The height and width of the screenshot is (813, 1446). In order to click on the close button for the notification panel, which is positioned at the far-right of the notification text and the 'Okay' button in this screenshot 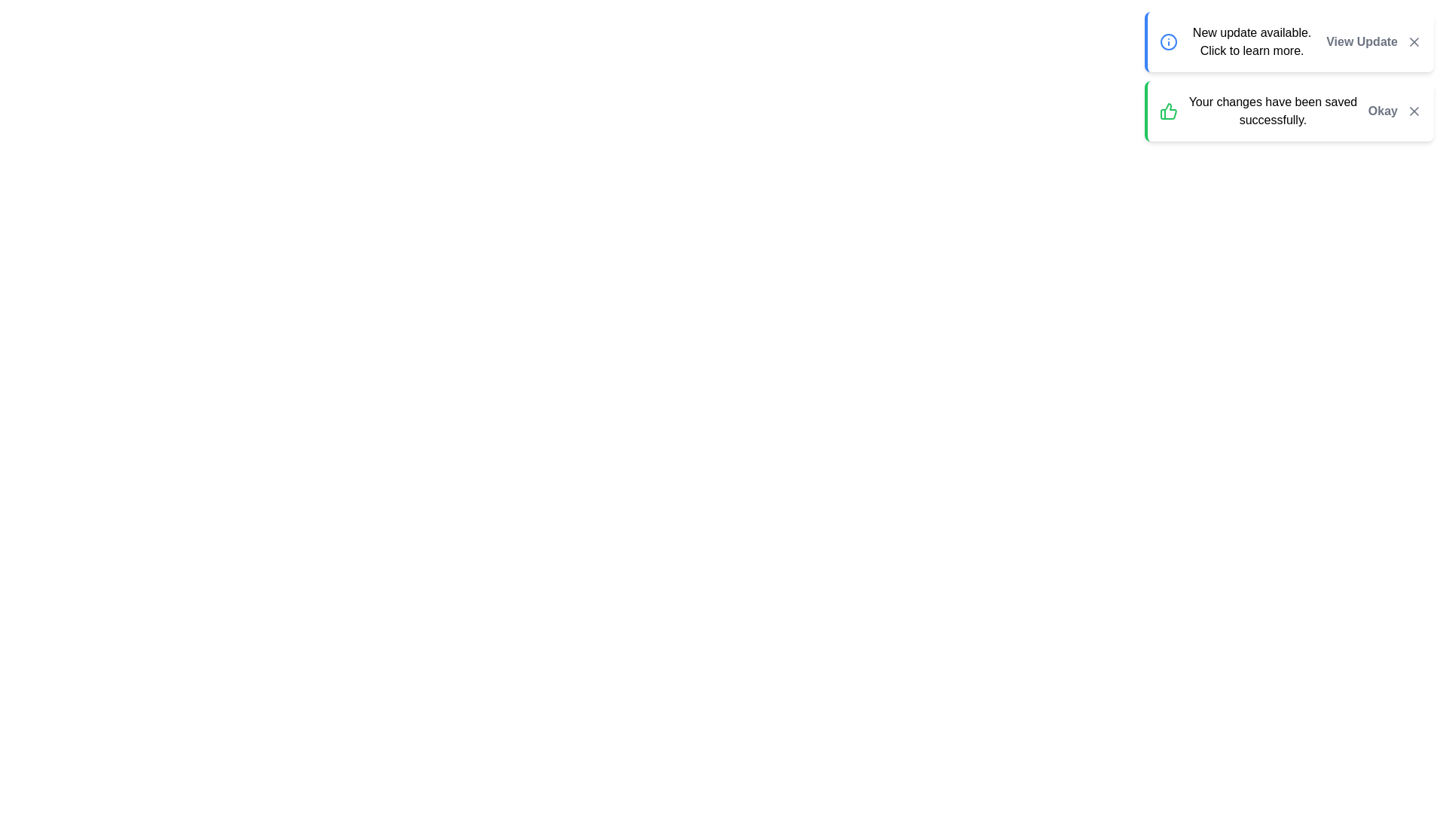, I will do `click(1413, 110)`.